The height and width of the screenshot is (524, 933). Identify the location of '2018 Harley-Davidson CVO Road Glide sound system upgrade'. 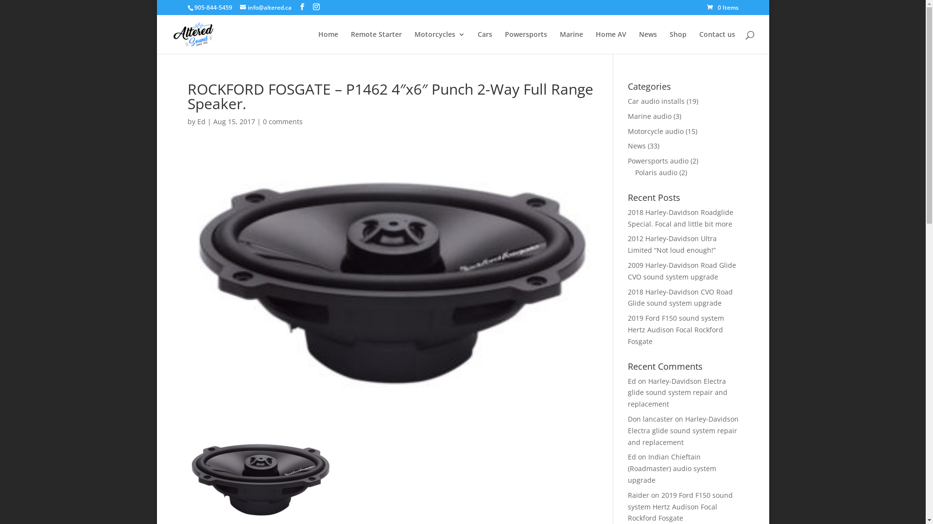
(680, 297).